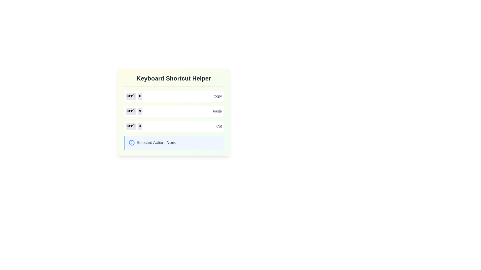  Describe the element at coordinates (218, 96) in the screenshot. I see `the 'Copy' text label, which is displayed in a simple gray font and is positioned towards the end of a row, separated from 'Ctrl' and 'C'` at that location.